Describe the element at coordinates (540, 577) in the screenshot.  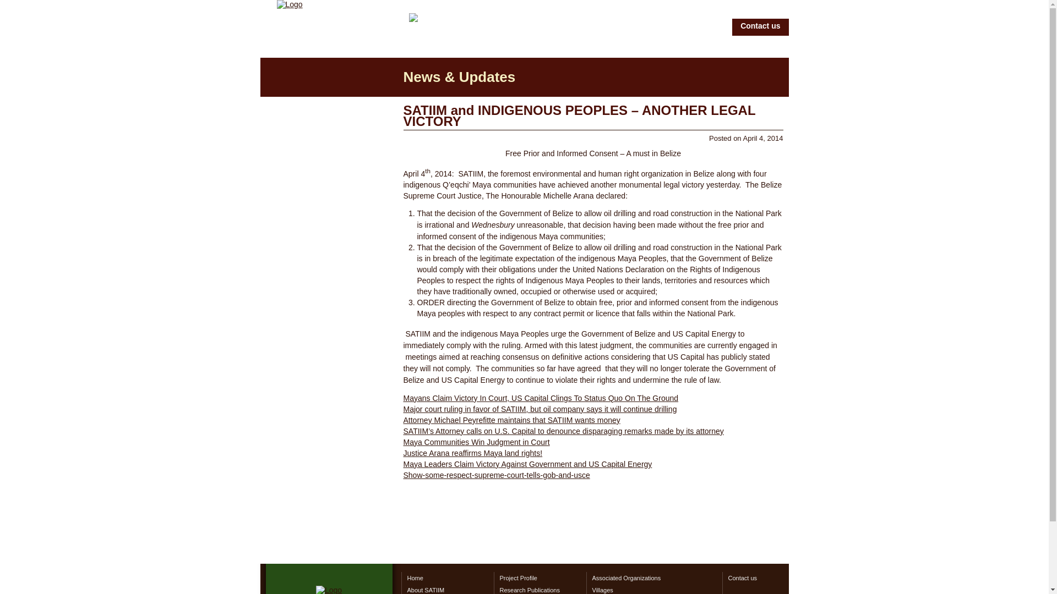
I see `'Project Profile'` at that location.